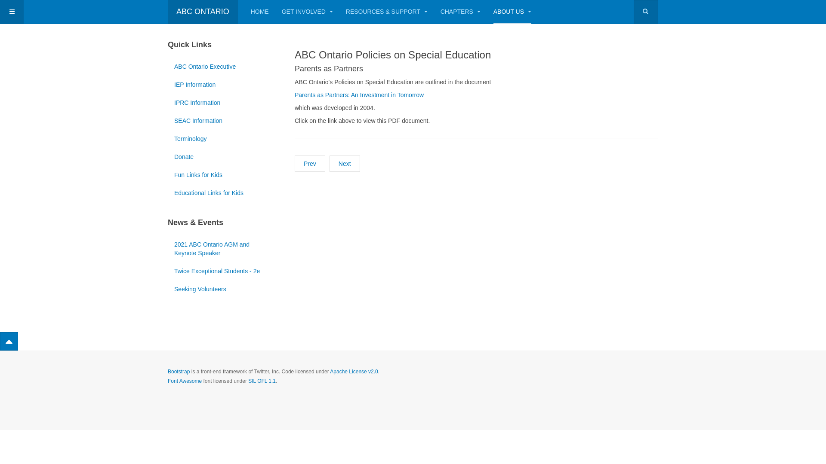  Describe the element at coordinates (167, 84) in the screenshot. I see `'IEP Information'` at that location.